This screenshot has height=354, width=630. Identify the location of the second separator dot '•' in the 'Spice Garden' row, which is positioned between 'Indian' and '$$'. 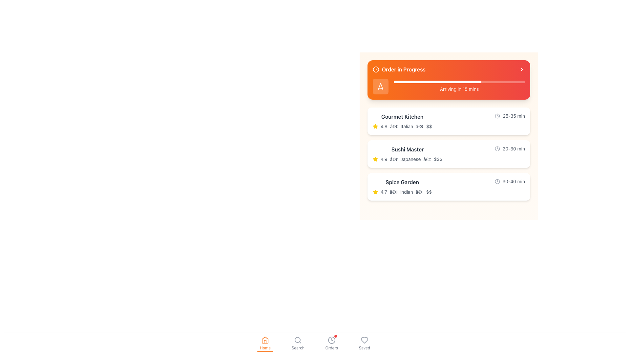
(393, 192).